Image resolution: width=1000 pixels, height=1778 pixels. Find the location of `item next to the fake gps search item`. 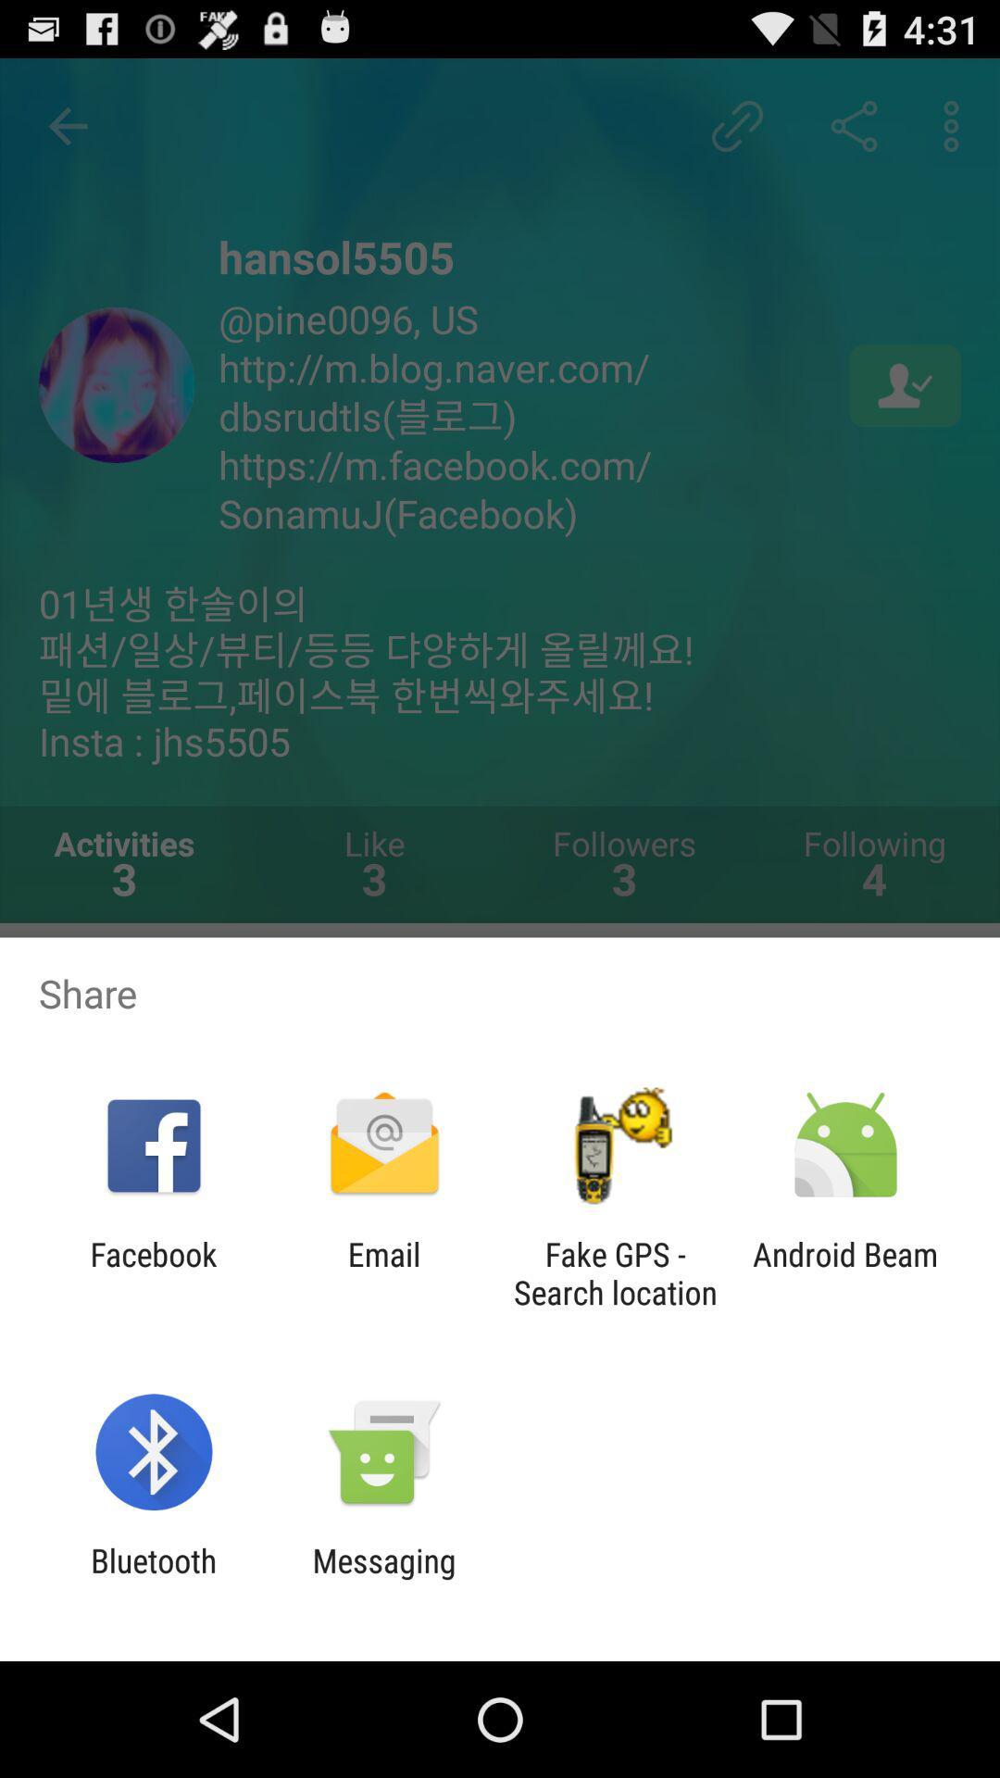

item next to the fake gps search item is located at coordinates (845, 1272).